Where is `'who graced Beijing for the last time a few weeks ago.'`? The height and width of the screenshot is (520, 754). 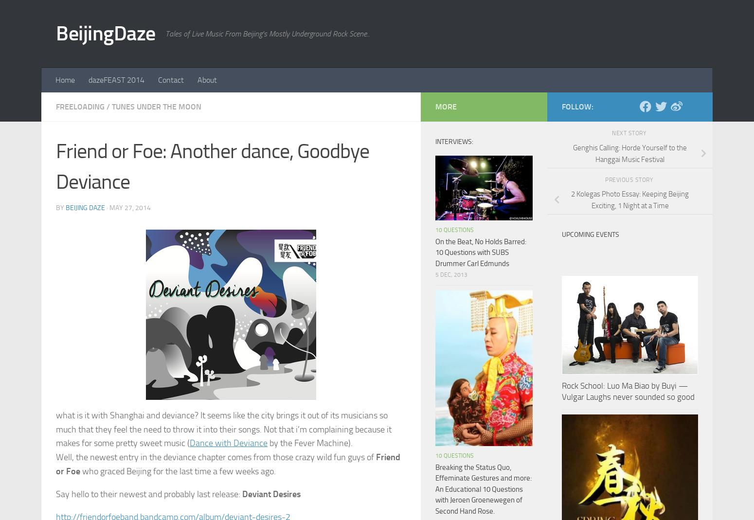
'who graced Beijing for the last time a few weeks ago.' is located at coordinates (80, 470).